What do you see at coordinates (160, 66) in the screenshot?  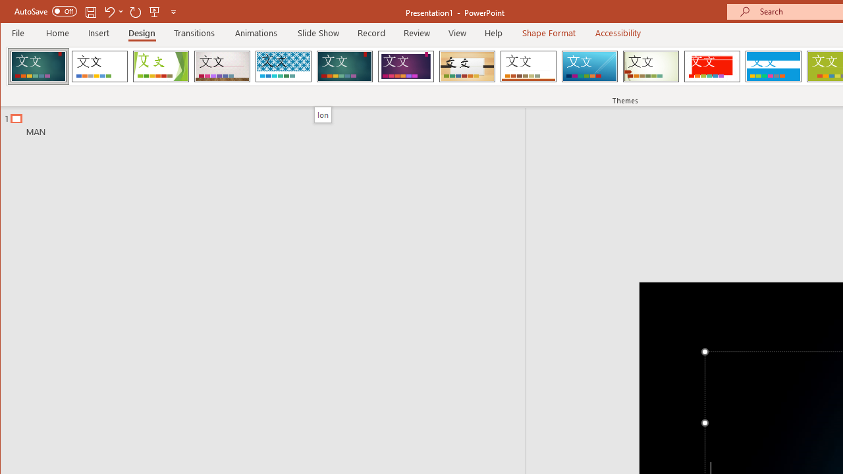 I see `'Facet'` at bounding box center [160, 66].